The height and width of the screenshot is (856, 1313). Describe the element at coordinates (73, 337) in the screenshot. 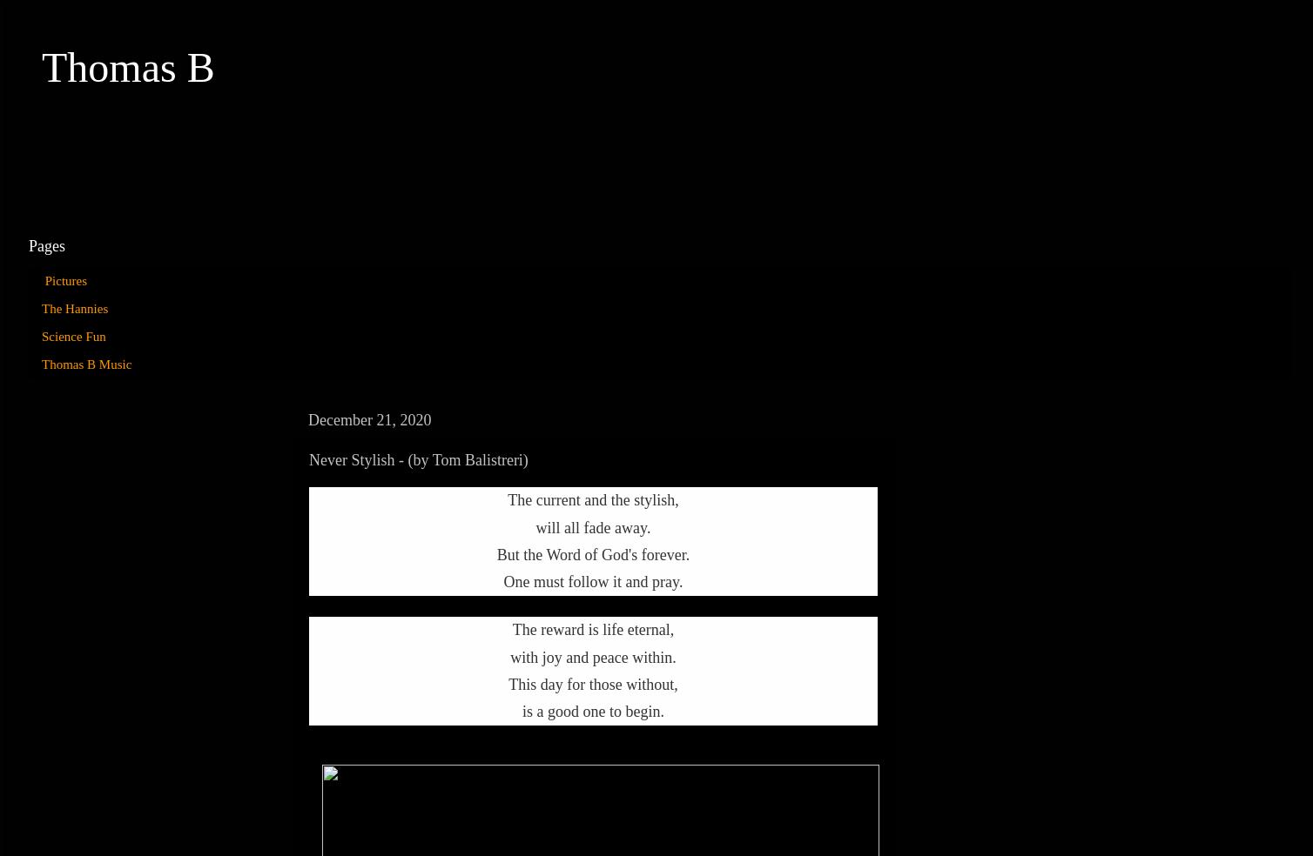

I see `'Science Fun'` at that location.